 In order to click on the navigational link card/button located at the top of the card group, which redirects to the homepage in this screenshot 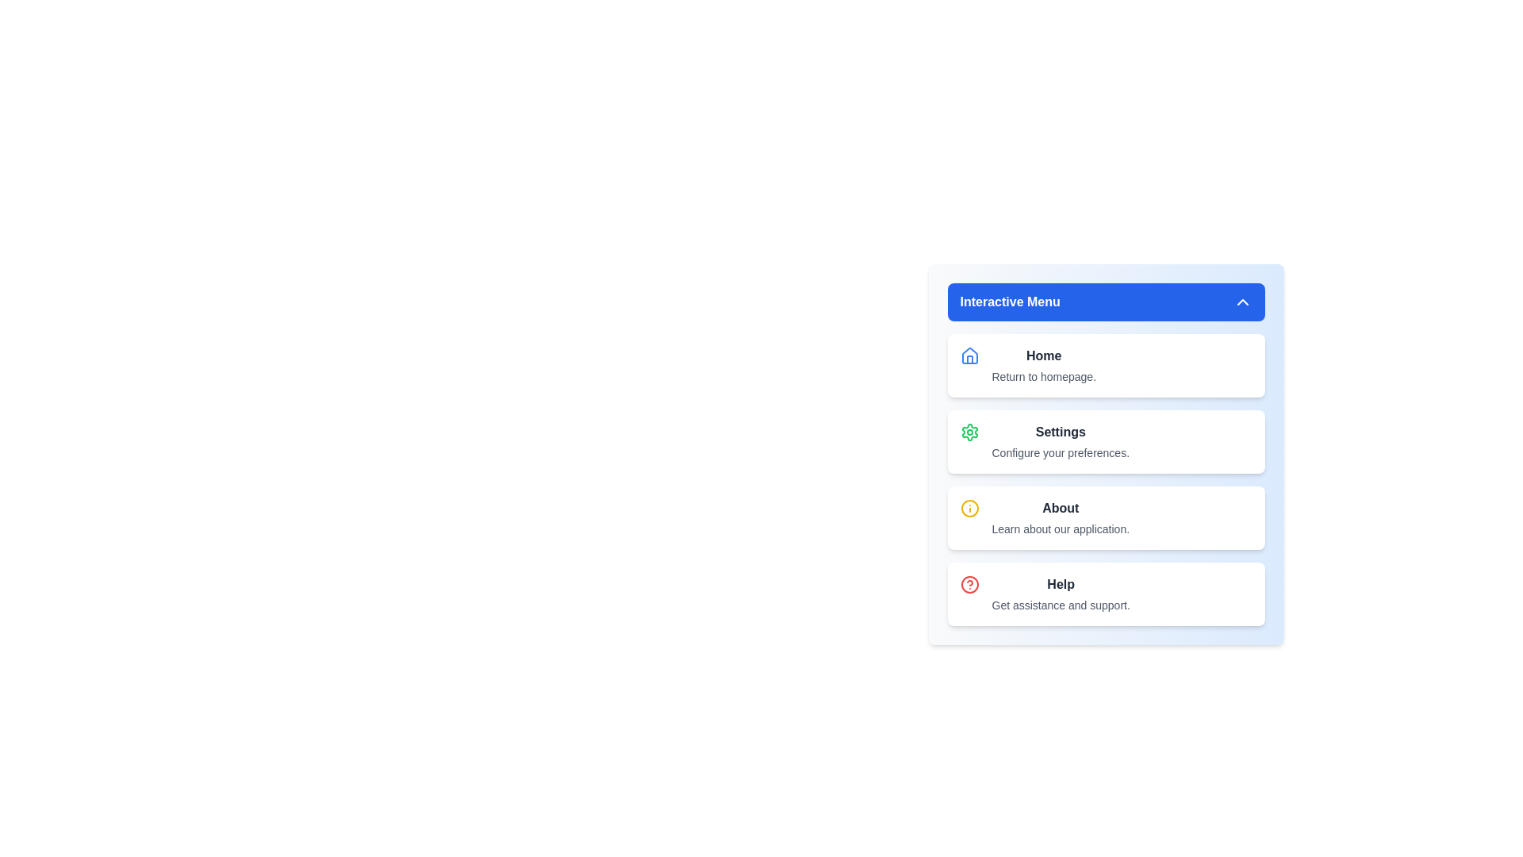, I will do `click(1105, 366)`.